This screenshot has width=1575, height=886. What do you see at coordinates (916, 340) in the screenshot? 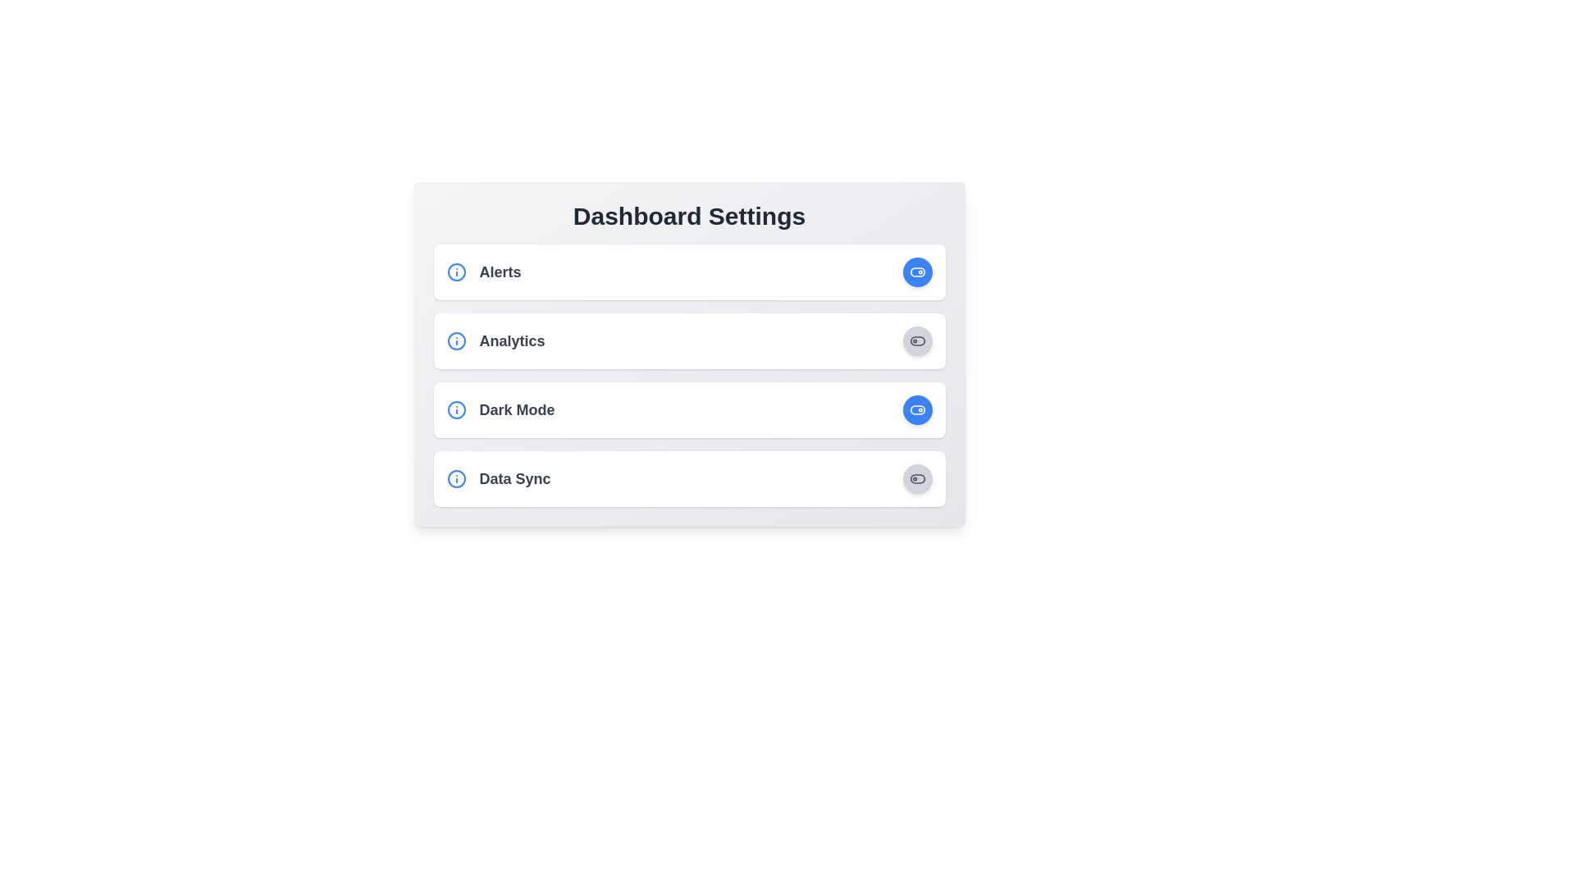
I see `toggle button for Analytics to toggle its state` at bounding box center [916, 340].